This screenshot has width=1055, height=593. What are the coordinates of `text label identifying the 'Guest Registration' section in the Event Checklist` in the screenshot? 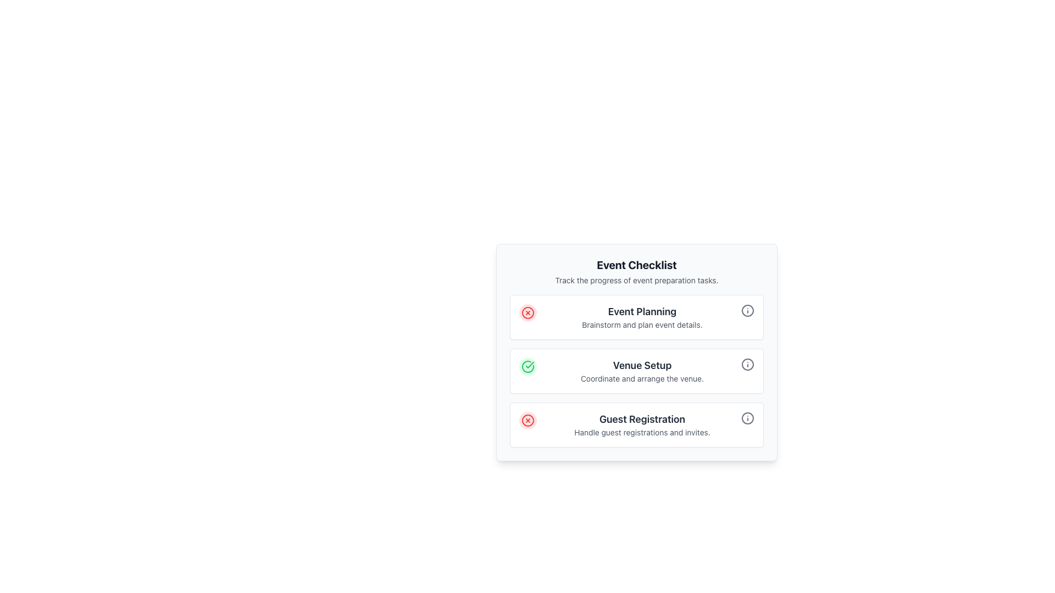 It's located at (642, 419).